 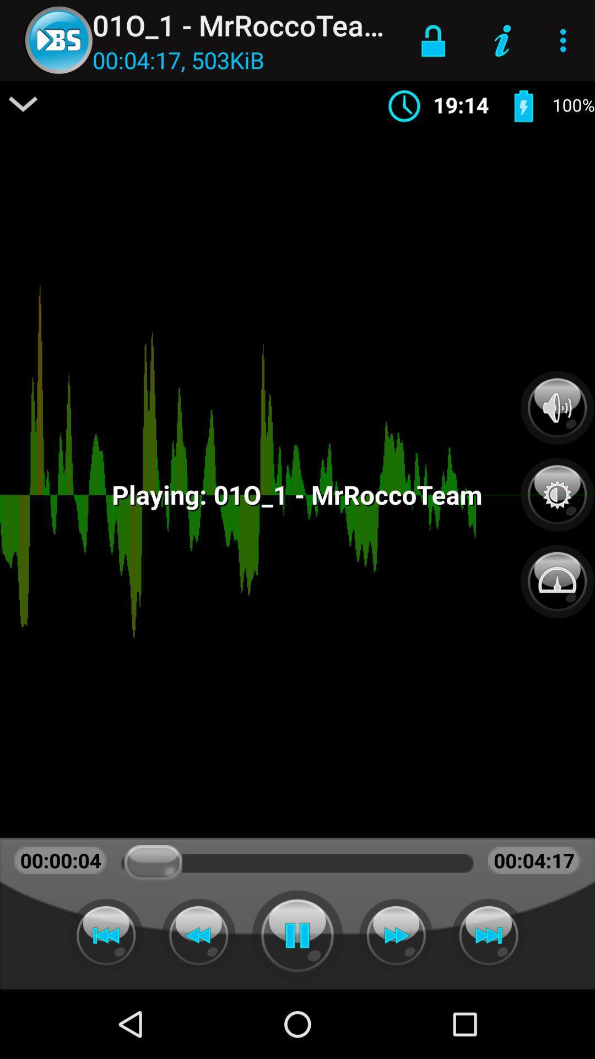 What do you see at coordinates (557, 488) in the screenshot?
I see `britenes` at bounding box center [557, 488].